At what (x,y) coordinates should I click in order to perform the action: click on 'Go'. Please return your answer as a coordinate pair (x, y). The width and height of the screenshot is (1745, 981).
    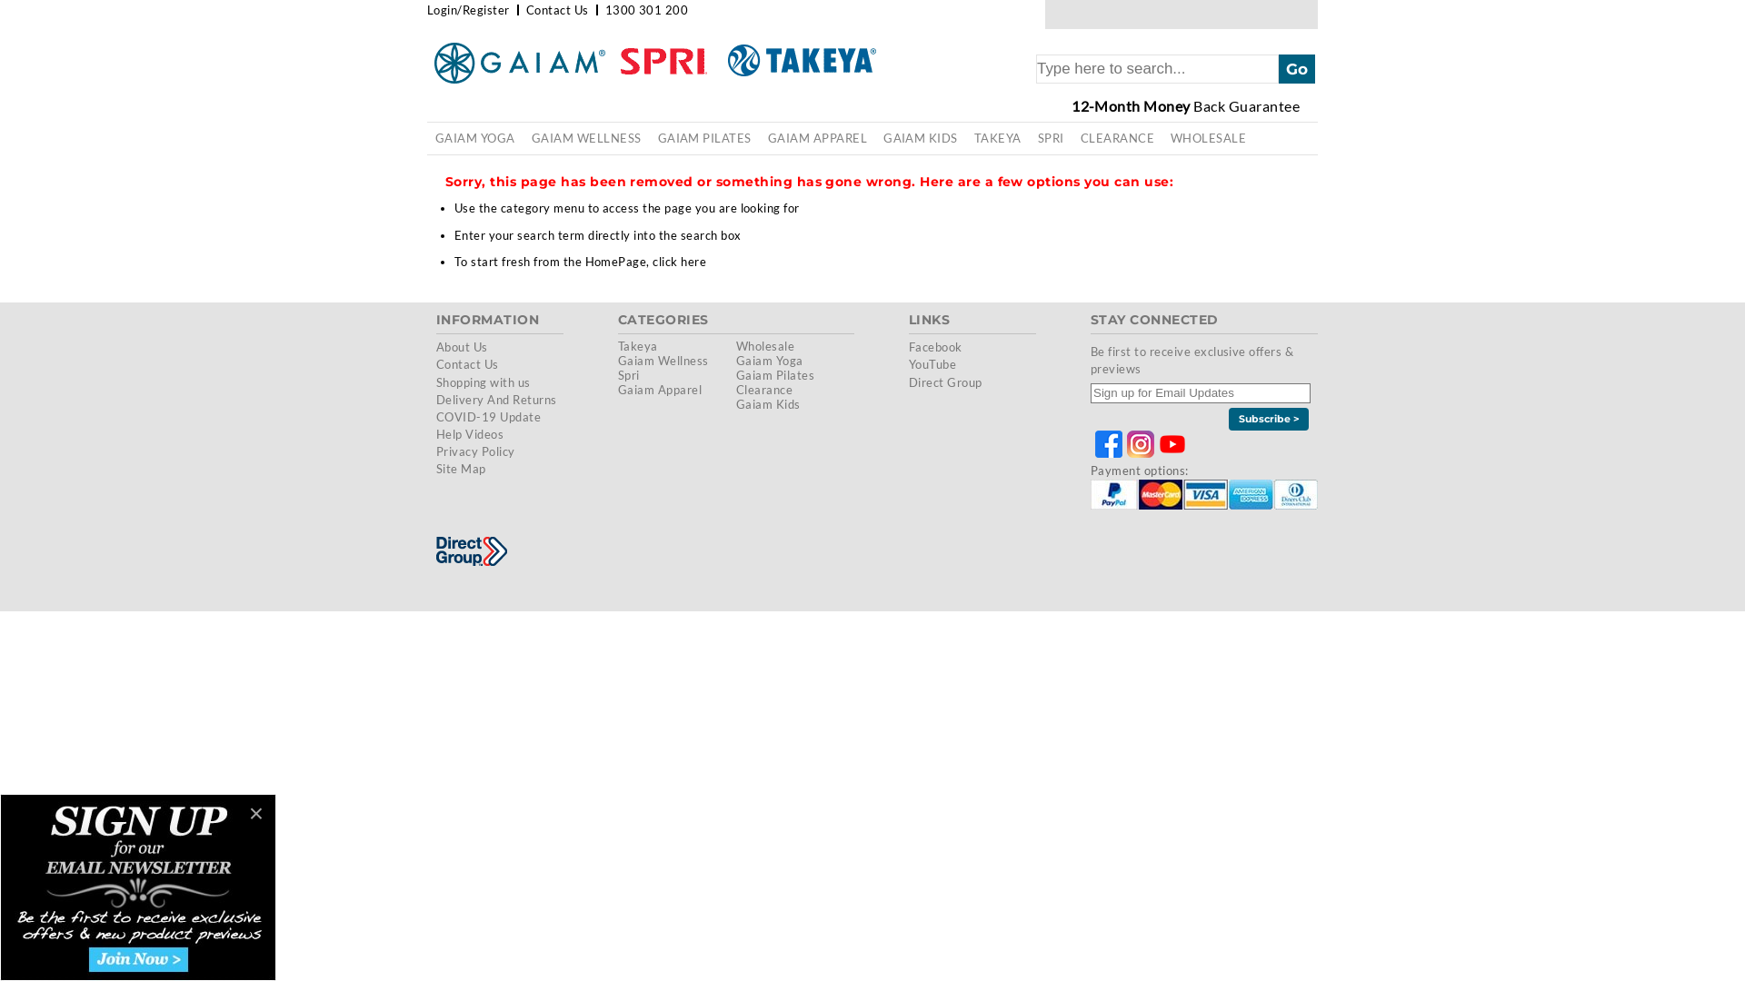
    Looking at the image, I should click on (1295, 68).